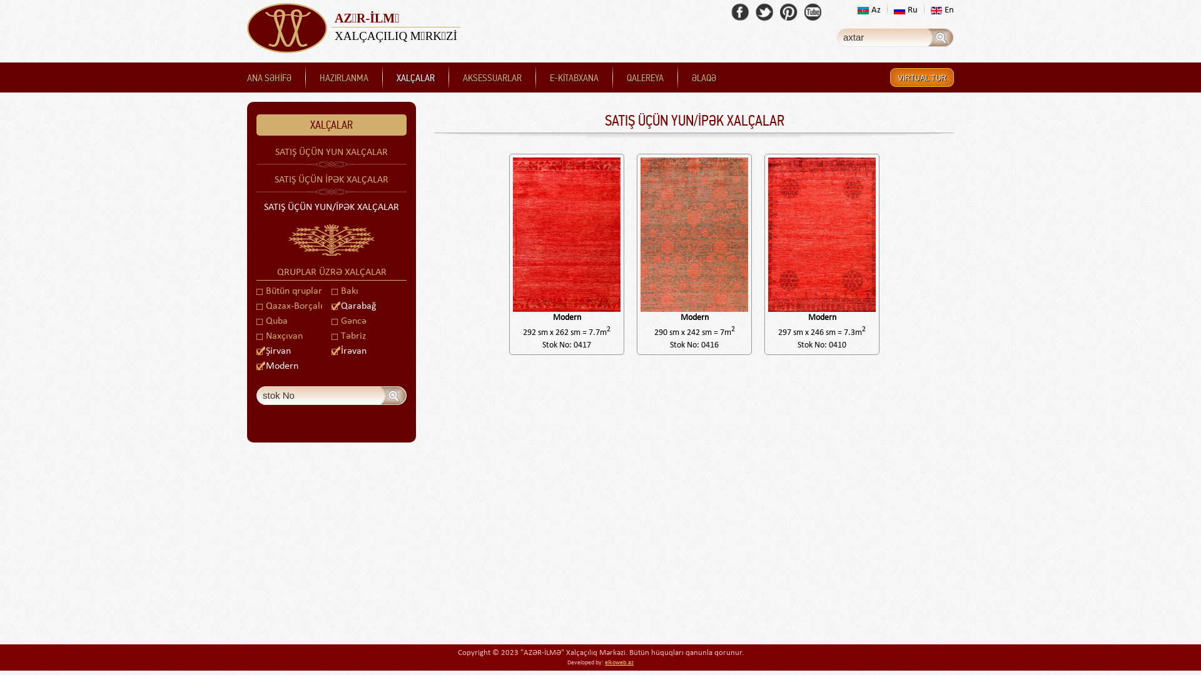  I want to click on 'Modern', so click(510, 254).